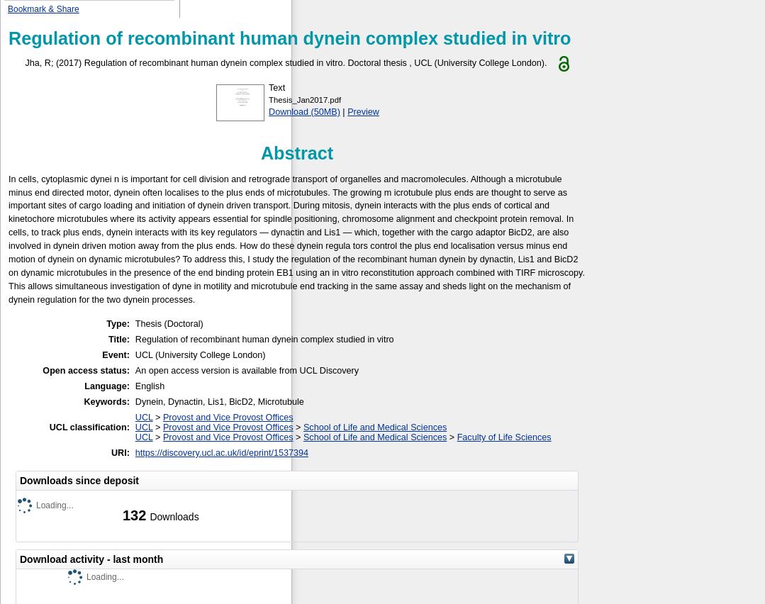 The height and width of the screenshot is (604, 765). I want to click on '|', so click(342, 111).